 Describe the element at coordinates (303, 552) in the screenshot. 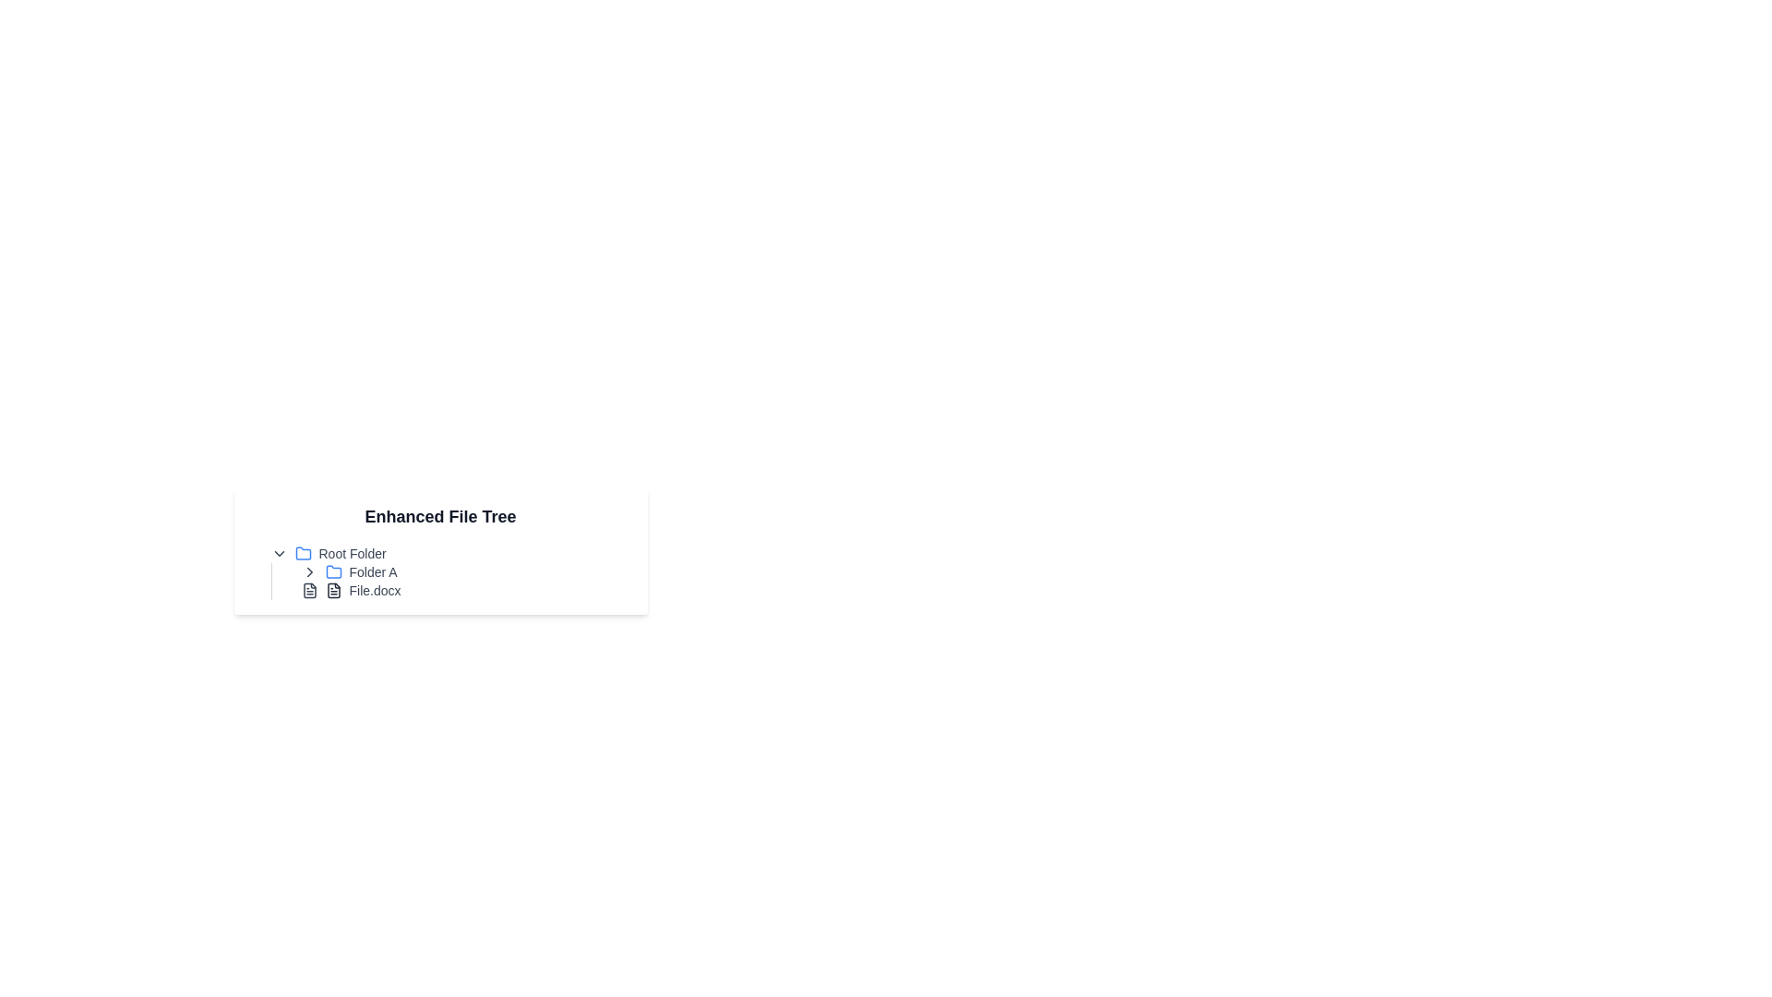

I see `the folder icon representing 'Folder A' in the file tree structure, which serves as a visual cue for hierarchical groupings of files and folders` at that location.